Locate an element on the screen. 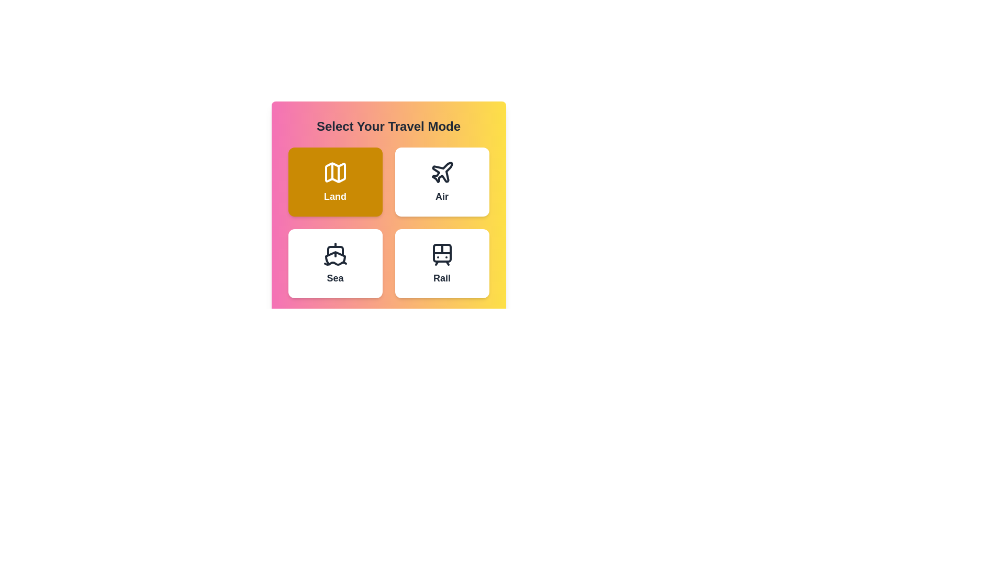 This screenshot has width=1005, height=565. the button corresponding to the travel mode Sea is located at coordinates (335, 263).